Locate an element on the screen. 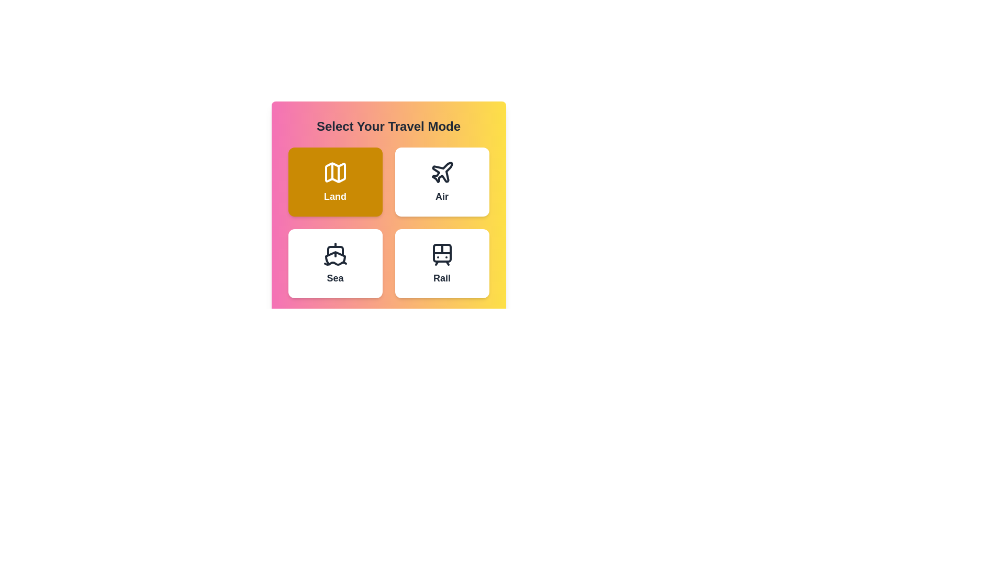 This screenshot has width=1005, height=565. the button corresponding to the travel mode Sea is located at coordinates (335, 263).